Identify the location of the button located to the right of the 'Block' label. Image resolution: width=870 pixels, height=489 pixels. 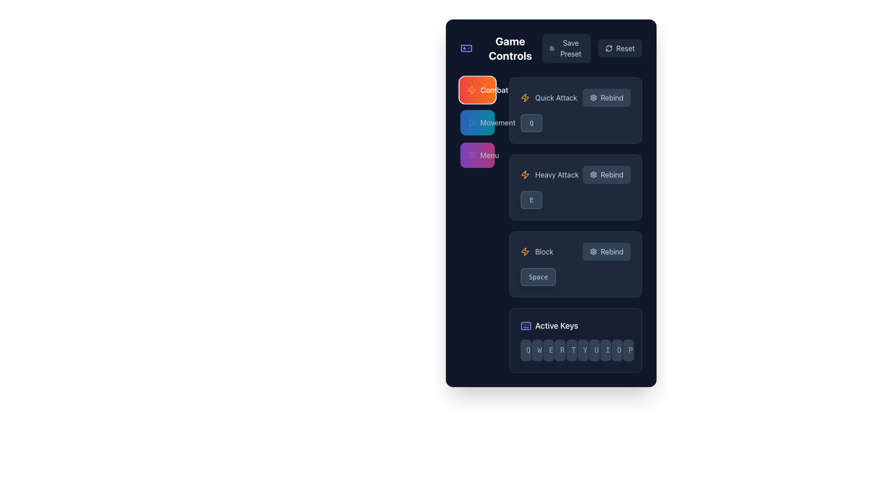
(606, 251).